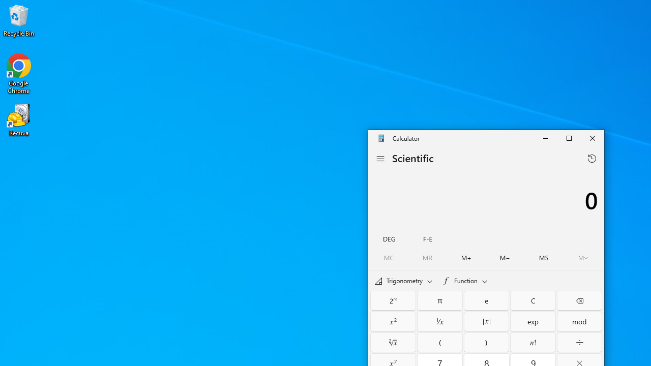 The image size is (651, 366). Describe the element at coordinates (380, 158) in the screenshot. I see `'Open Navigation'` at that location.